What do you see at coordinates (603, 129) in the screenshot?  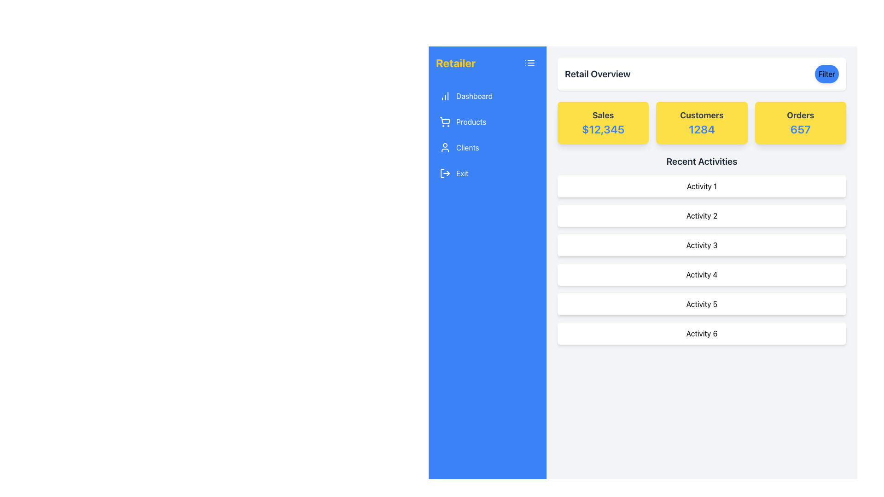 I see `text content of the Text Label displaying '$12,345', which is styled in bold blue font and centered within a yellow box labeled 'Sales'` at bounding box center [603, 129].